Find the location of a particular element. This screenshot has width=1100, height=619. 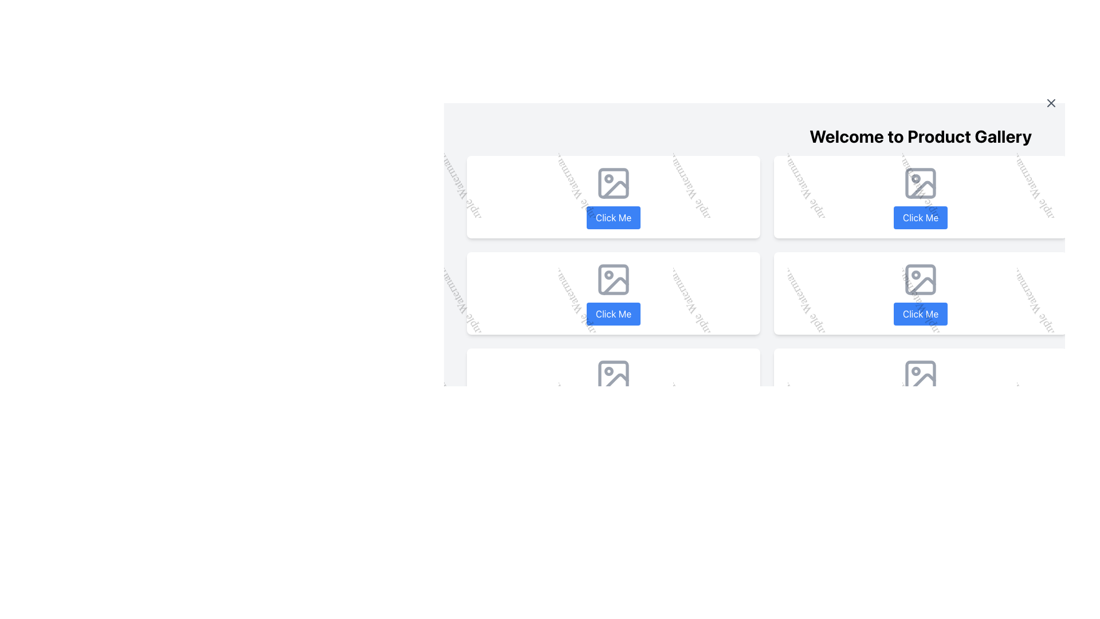

the 'Click Me' button located in the top-right section of the interface to change its background color is located at coordinates (921, 218).